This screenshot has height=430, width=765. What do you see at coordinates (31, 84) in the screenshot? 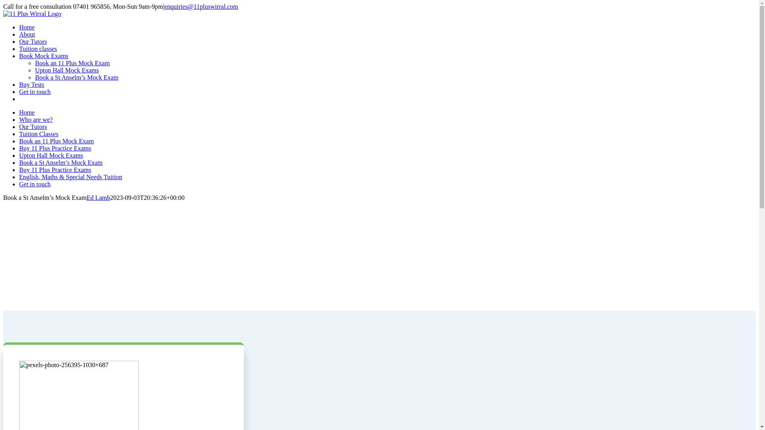
I see `'Buy Tests'` at bounding box center [31, 84].